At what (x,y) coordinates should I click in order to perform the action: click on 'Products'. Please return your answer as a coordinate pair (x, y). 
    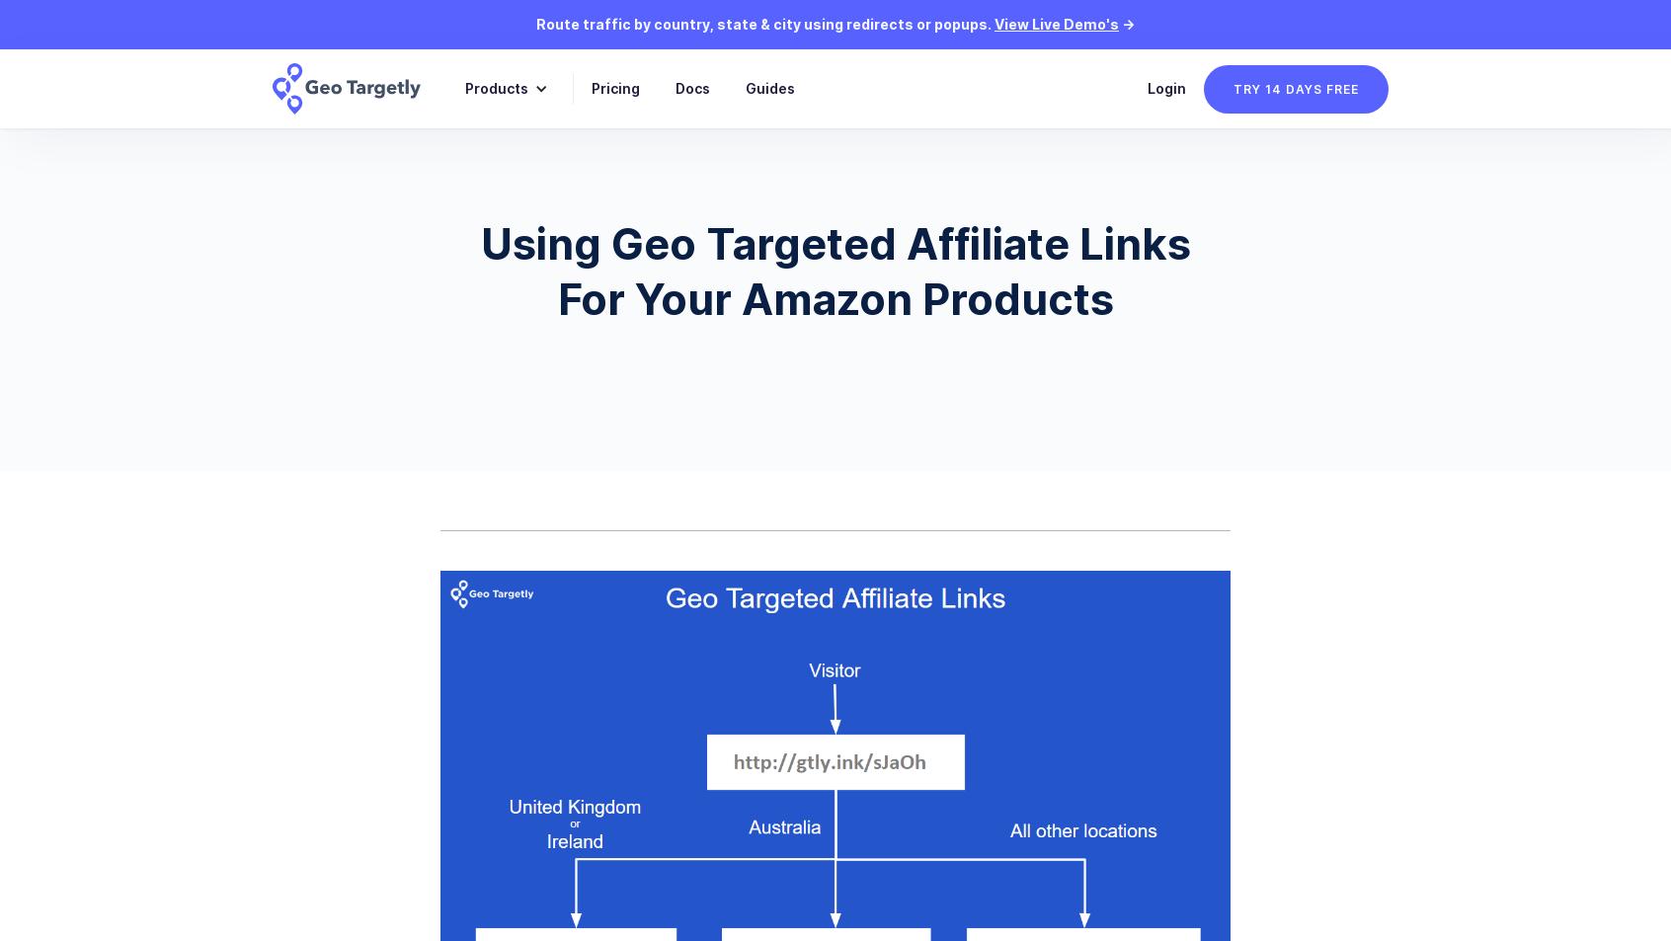
    Looking at the image, I should click on (464, 87).